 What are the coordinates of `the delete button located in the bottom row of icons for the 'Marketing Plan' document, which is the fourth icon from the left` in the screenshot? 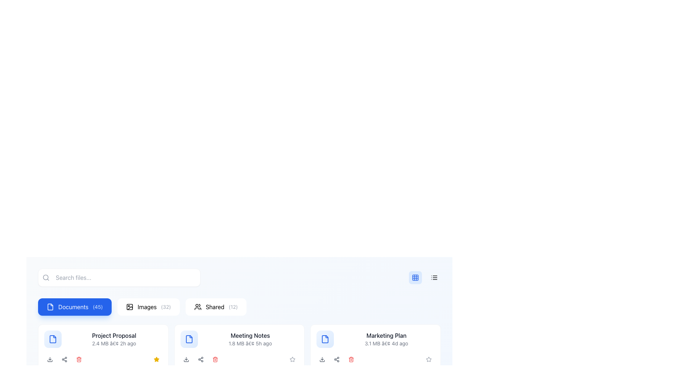 It's located at (351, 359).